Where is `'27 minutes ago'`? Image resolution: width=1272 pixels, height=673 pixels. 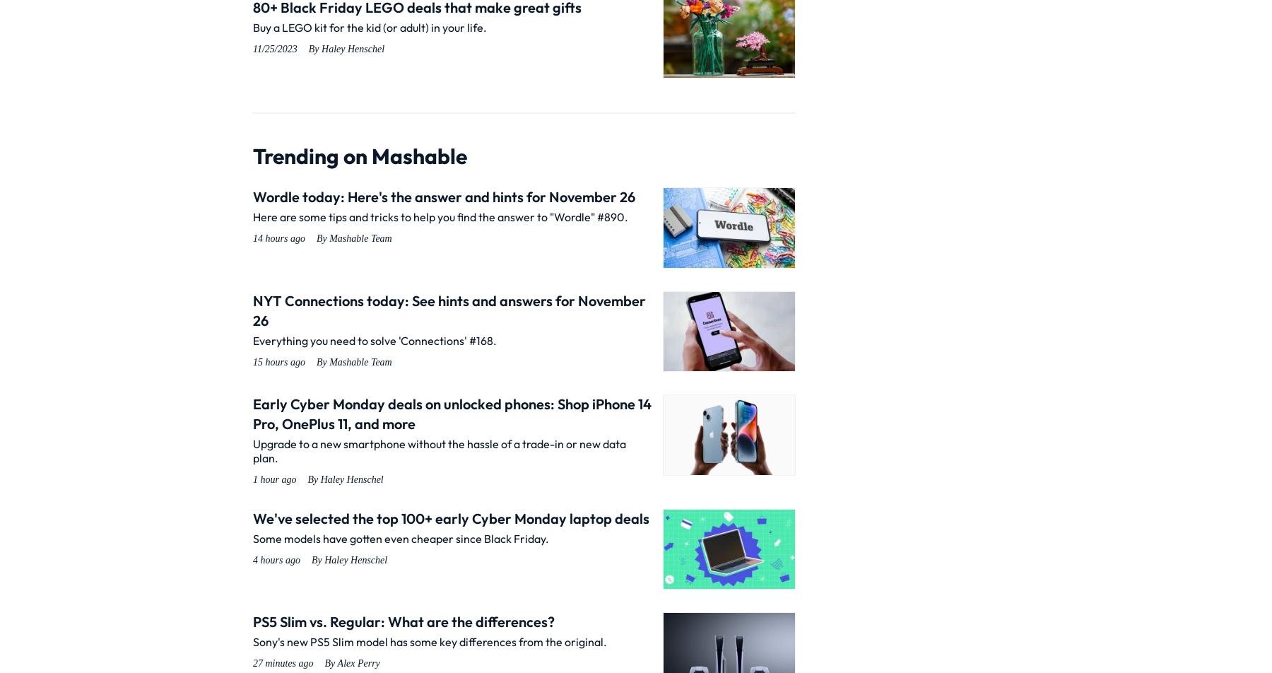 '27 minutes ago' is located at coordinates (283, 663).